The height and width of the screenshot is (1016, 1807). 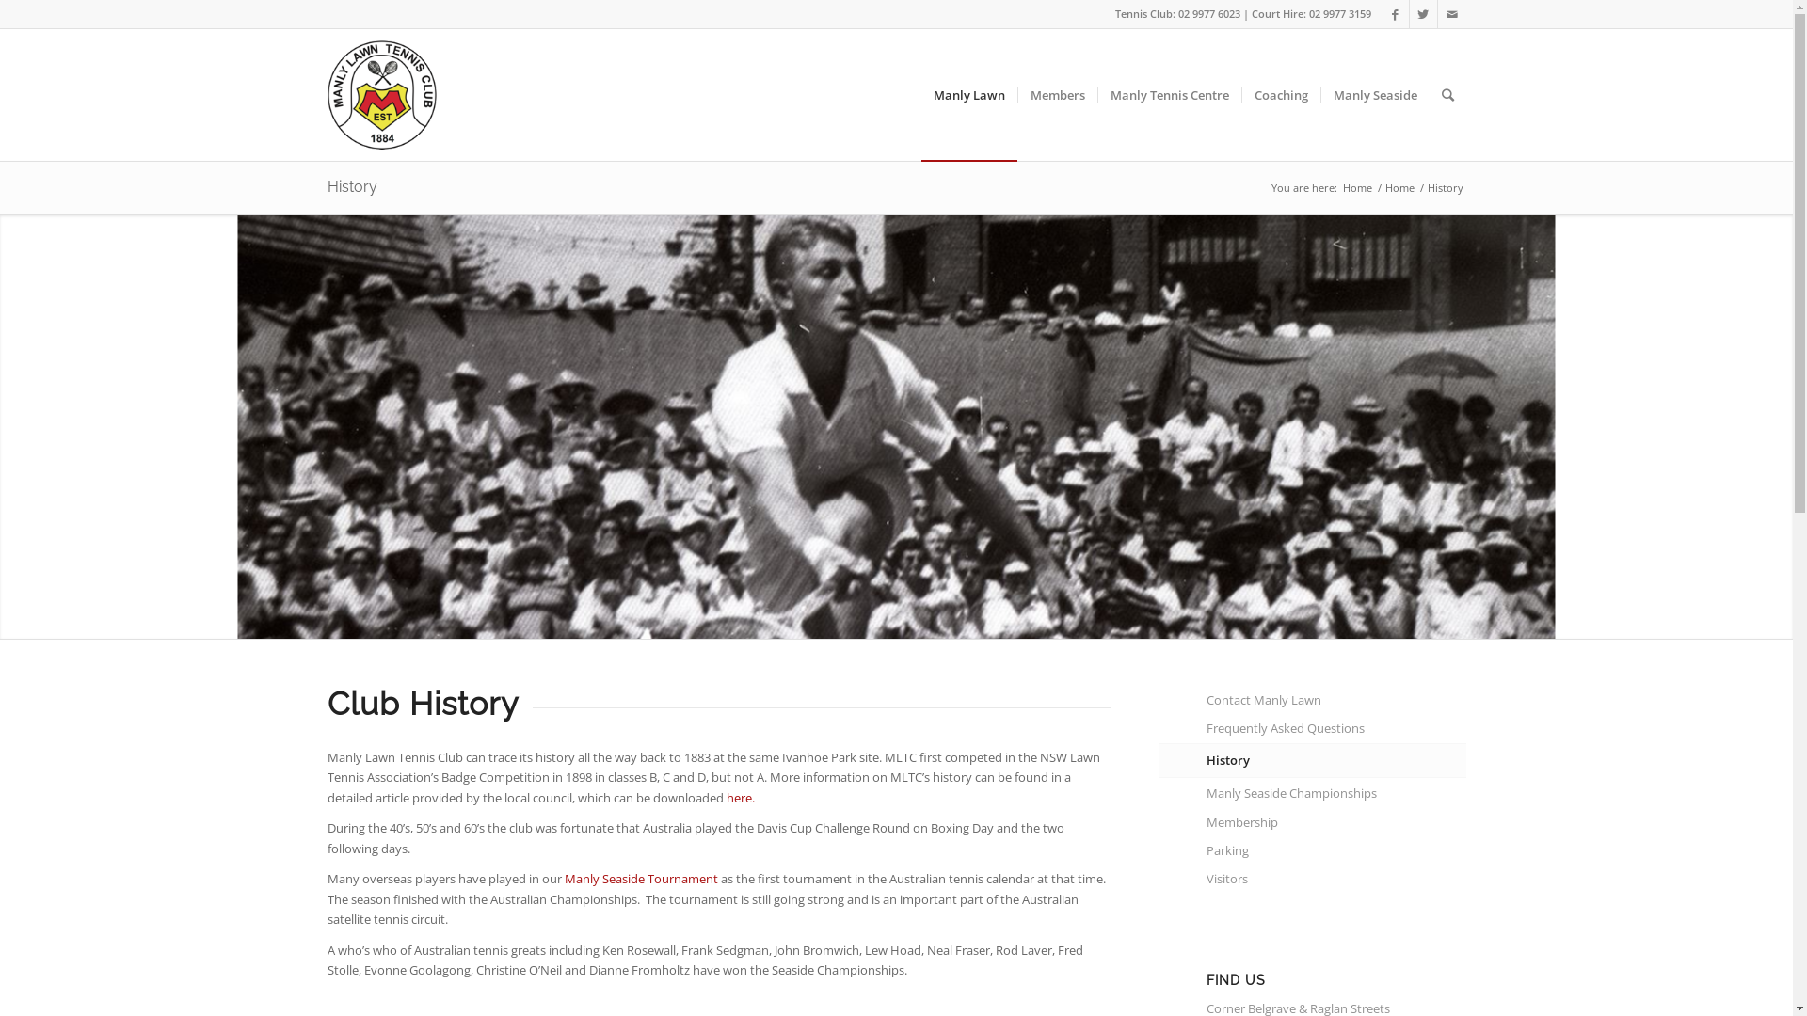 I want to click on 'Home', so click(x=1357, y=187).